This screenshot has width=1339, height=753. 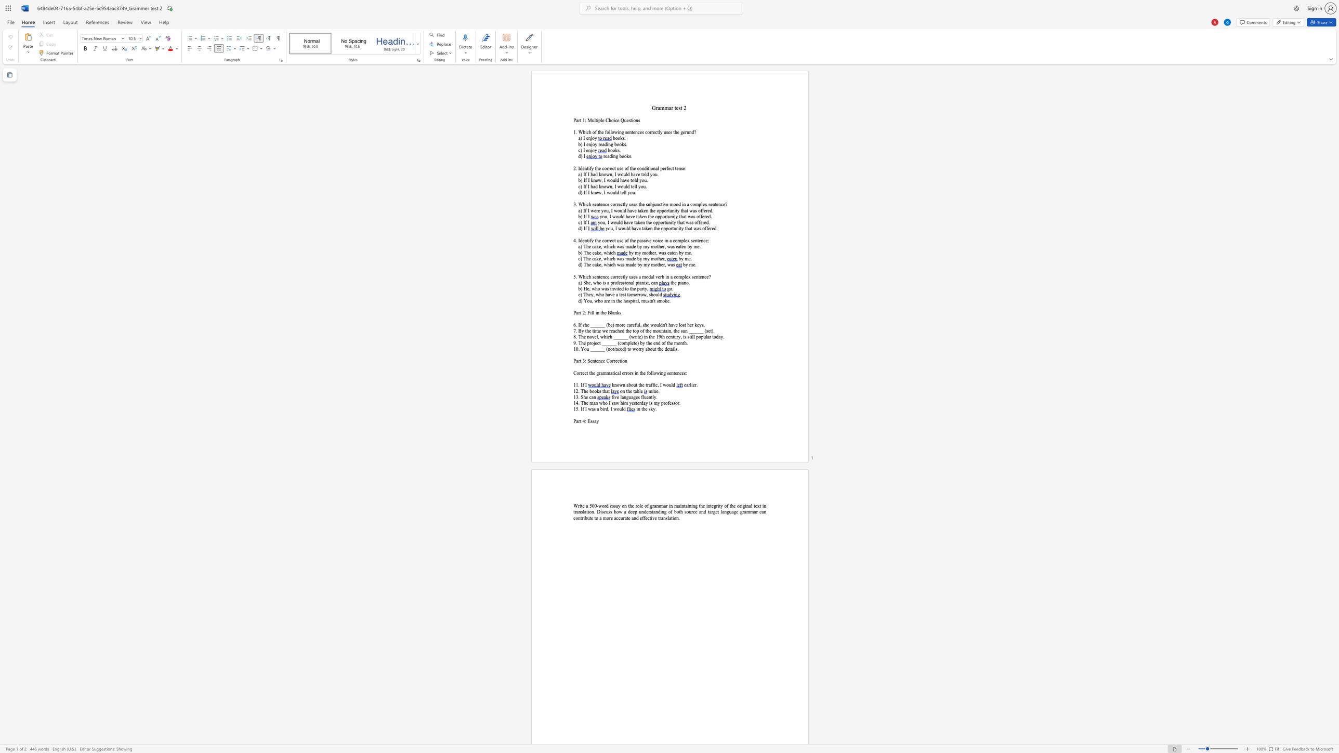 What do you see at coordinates (659, 277) in the screenshot?
I see `the space between the continuous character "e" and "r" in the text` at bounding box center [659, 277].